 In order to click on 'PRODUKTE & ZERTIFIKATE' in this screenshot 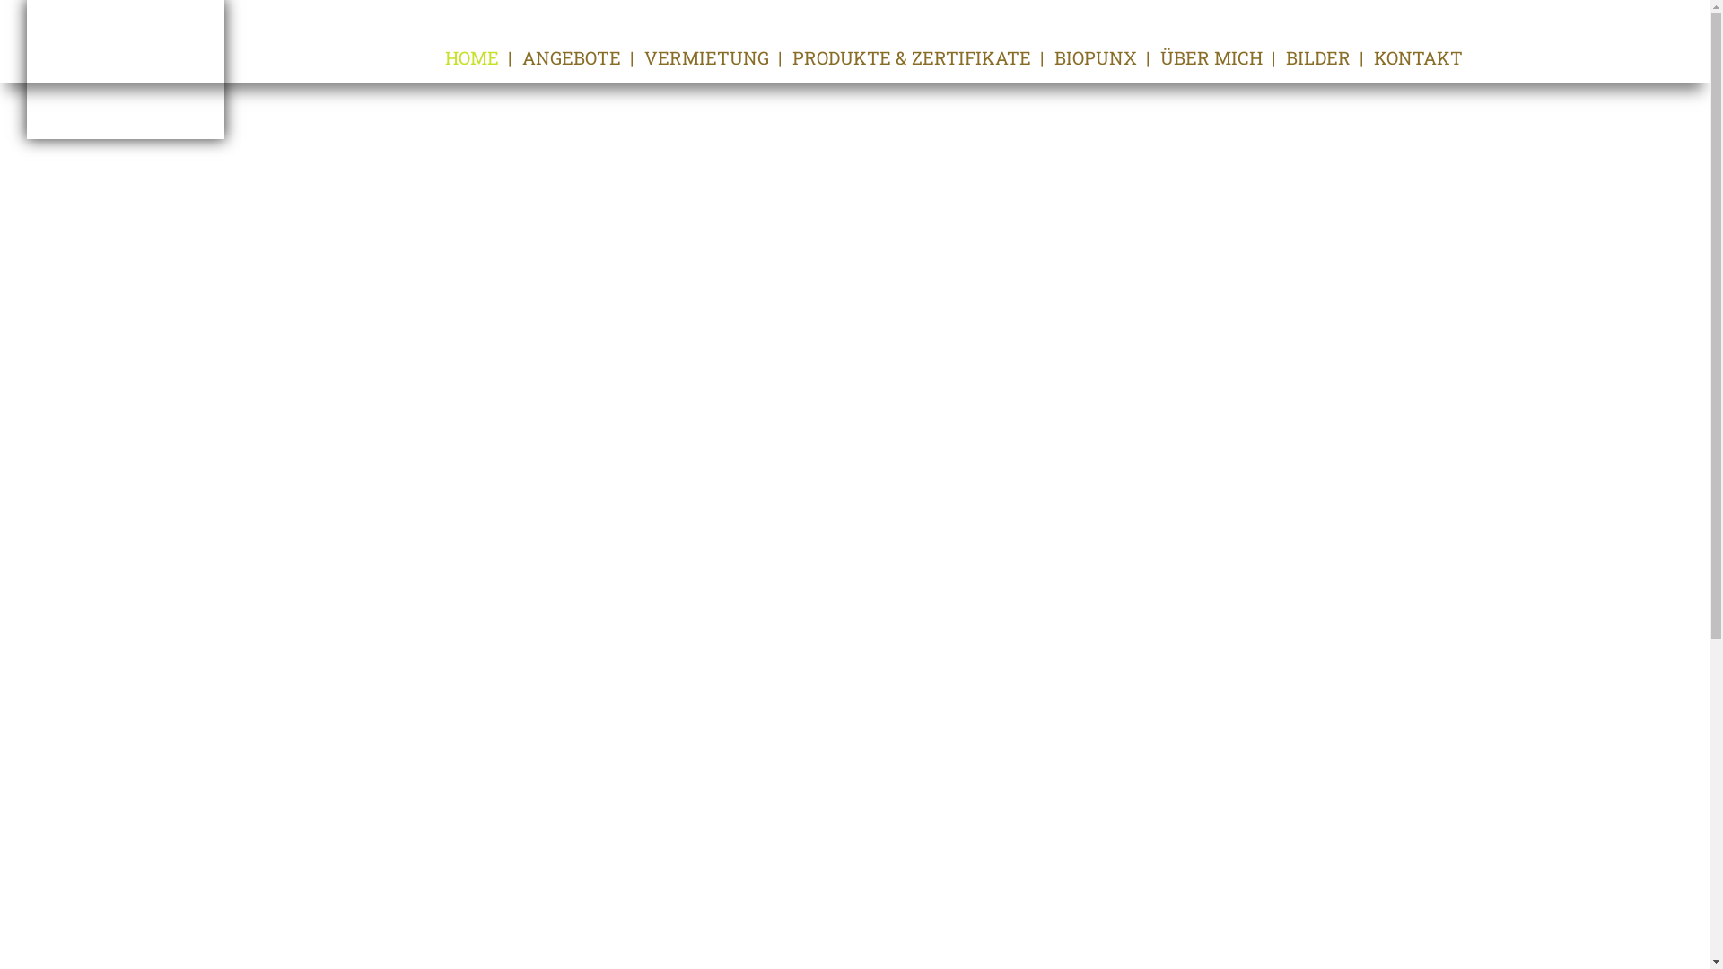, I will do `click(791, 57)`.